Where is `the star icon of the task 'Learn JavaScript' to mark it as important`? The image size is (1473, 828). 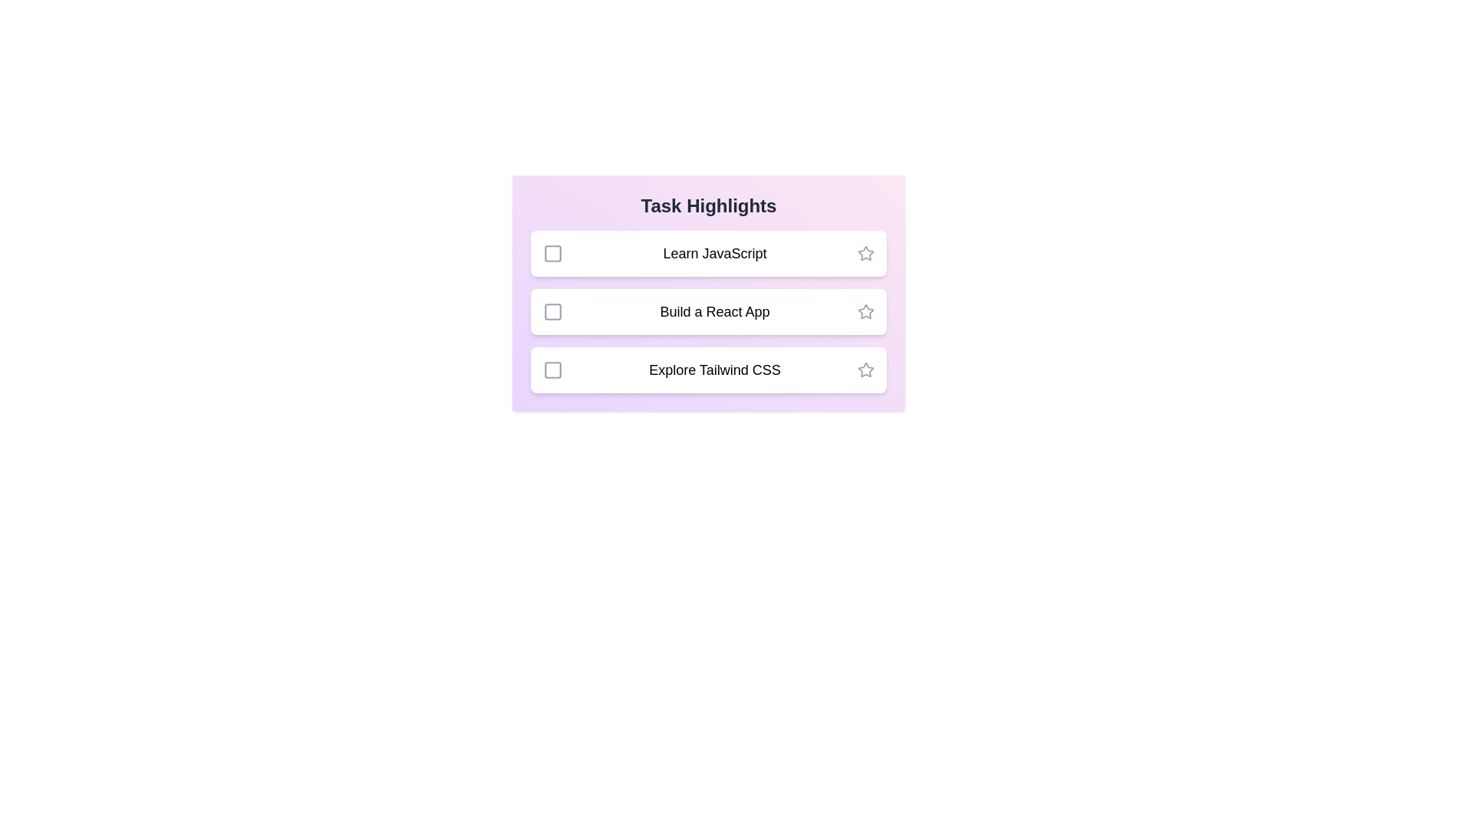
the star icon of the task 'Learn JavaScript' to mark it as important is located at coordinates (865, 253).